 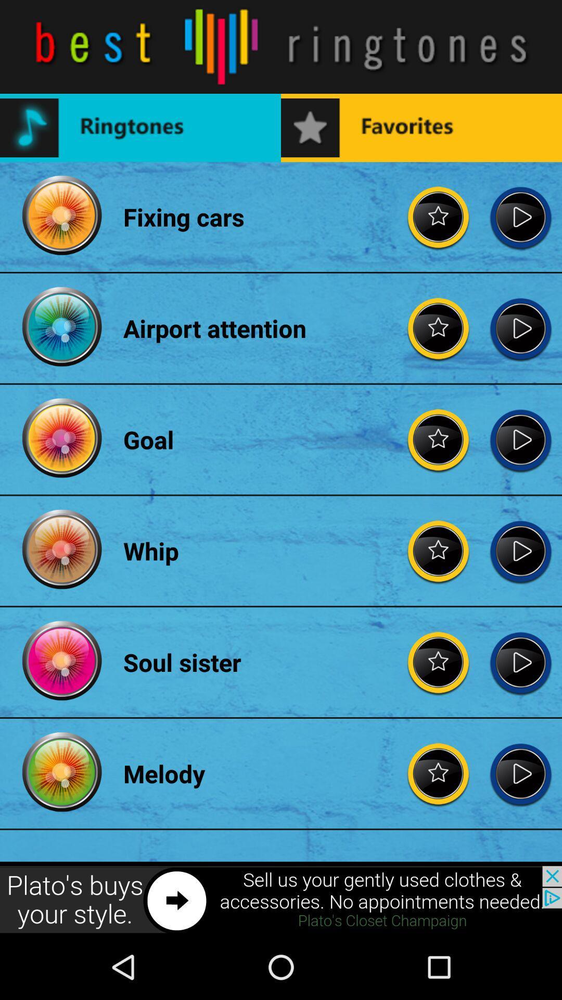 I want to click on for play, so click(x=520, y=550).